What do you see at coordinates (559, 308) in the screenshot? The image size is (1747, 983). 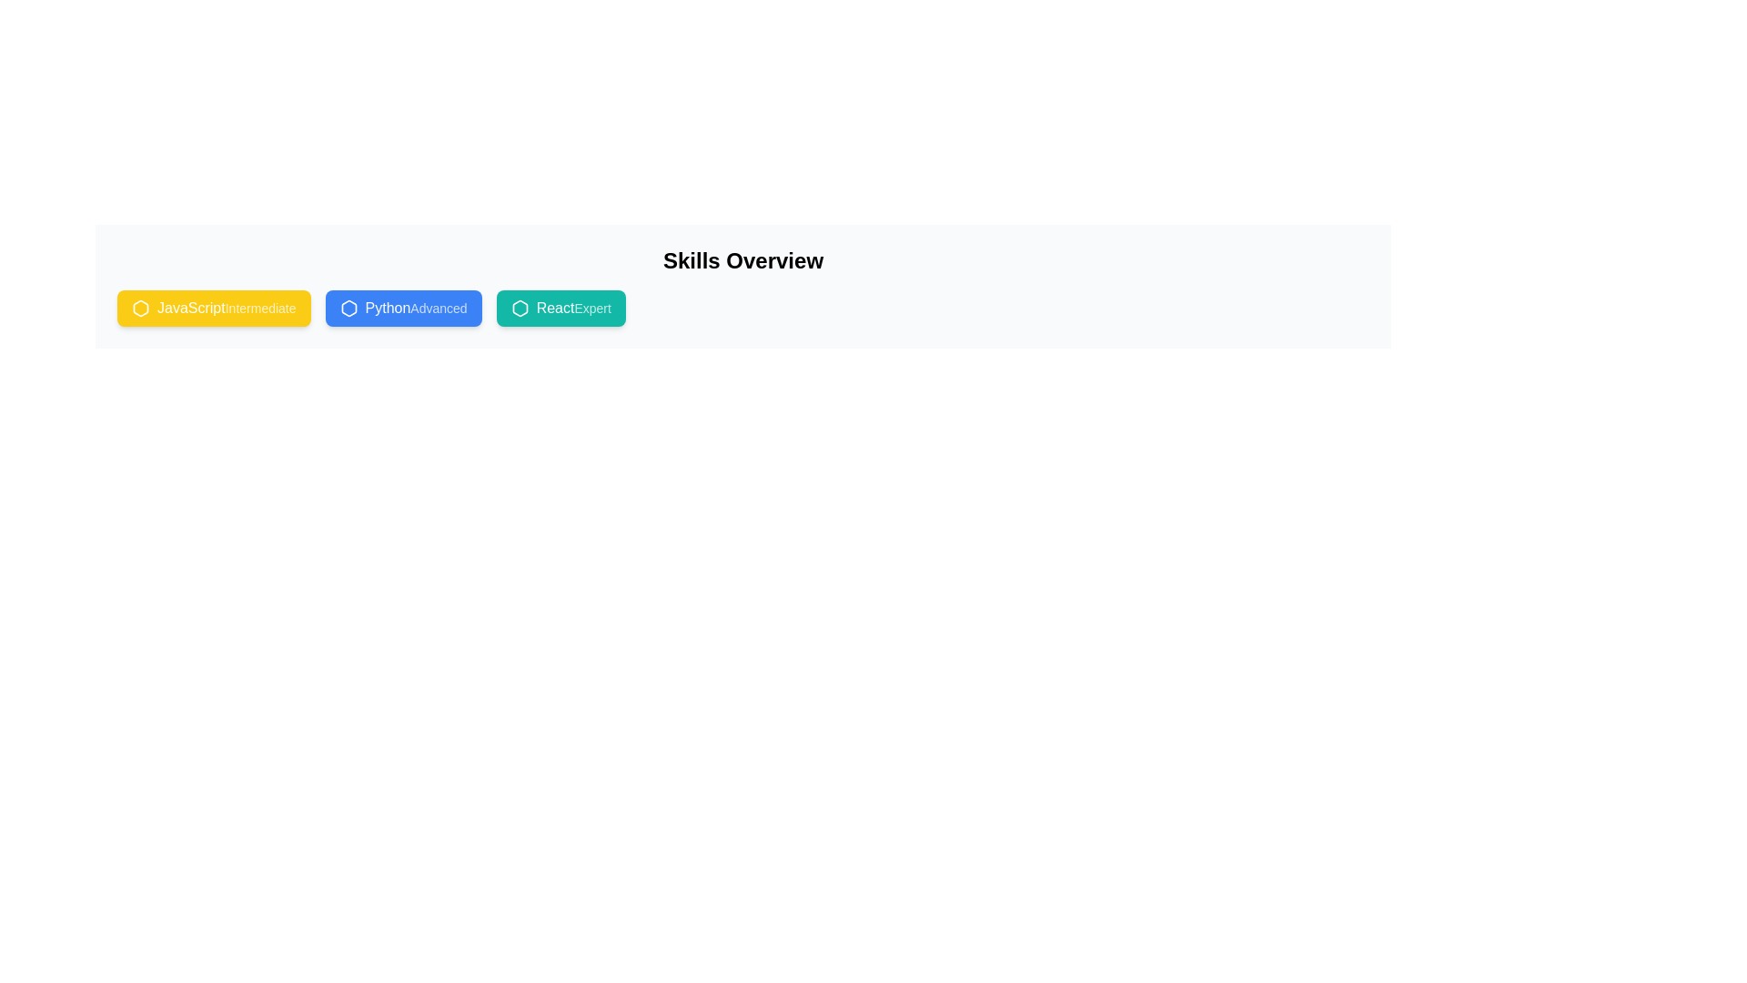 I see `the skill chip corresponding to React` at bounding box center [559, 308].